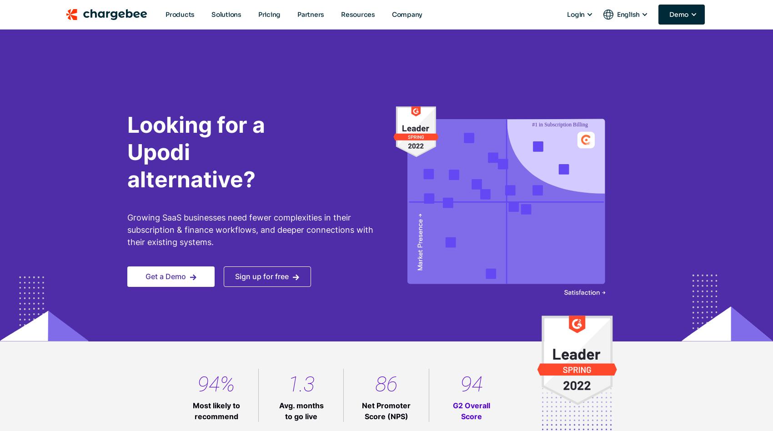  What do you see at coordinates (374, 406) in the screenshot?
I see `'— Jay Khiroya,'` at bounding box center [374, 406].